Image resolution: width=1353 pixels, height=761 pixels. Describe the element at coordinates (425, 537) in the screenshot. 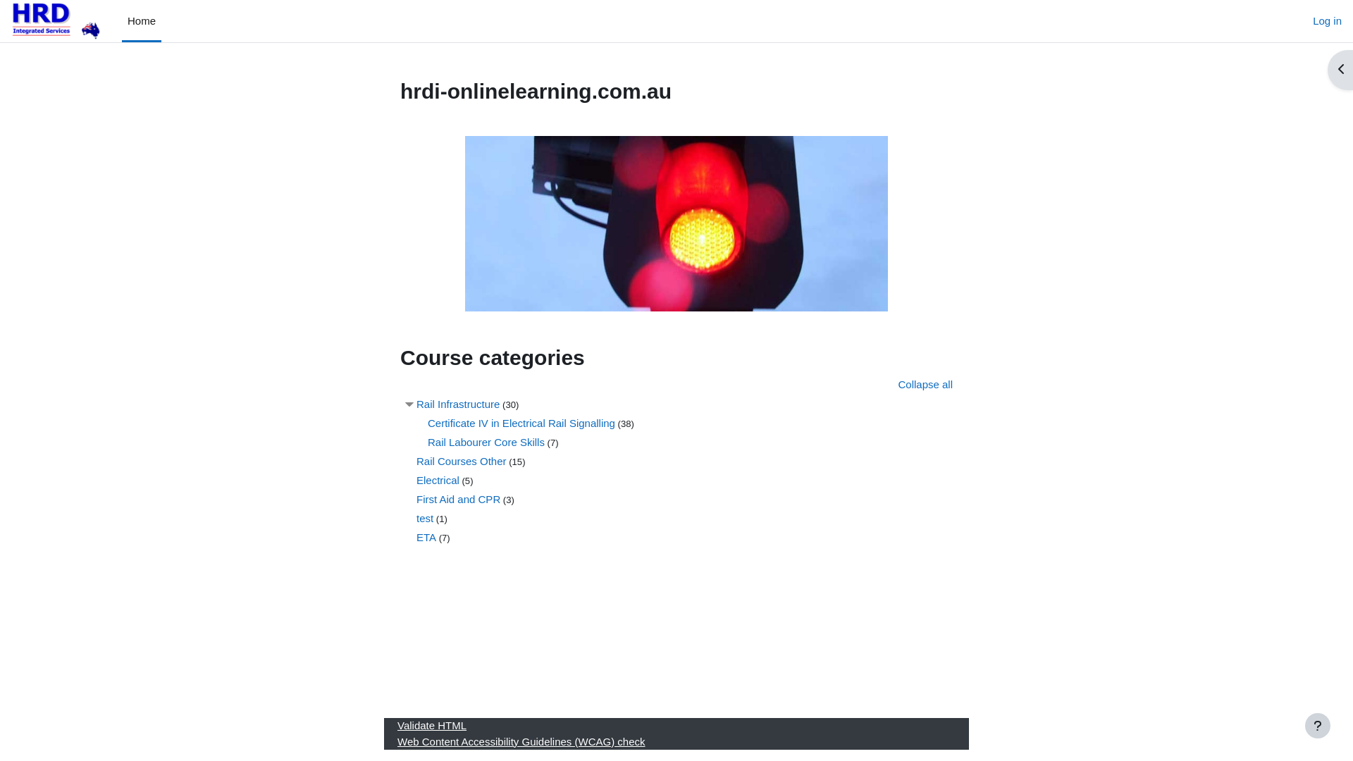

I see `'ETA'` at that location.